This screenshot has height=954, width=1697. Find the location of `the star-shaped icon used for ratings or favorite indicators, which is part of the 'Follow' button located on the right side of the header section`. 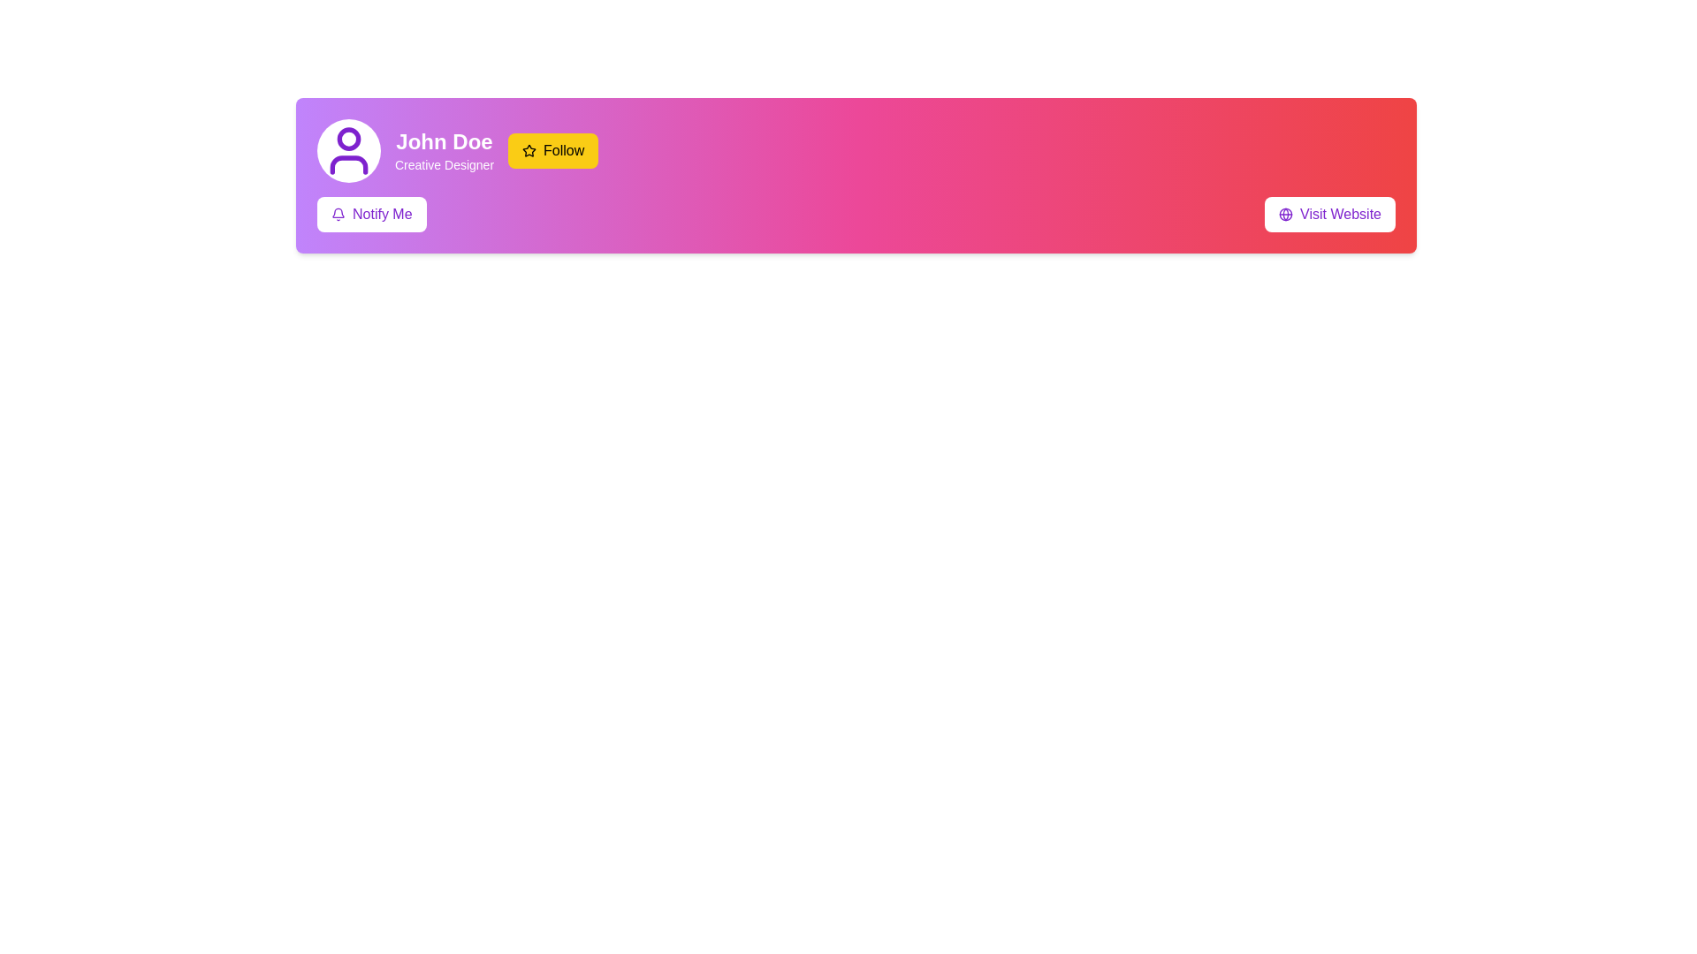

the star-shaped icon used for ratings or favorite indicators, which is part of the 'Follow' button located on the right side of the header section is located at coordinates (529, 149).